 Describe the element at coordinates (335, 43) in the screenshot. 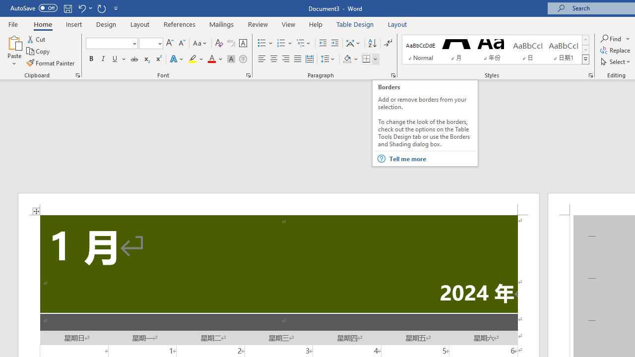

I see `'Increase Indent'` at that location.